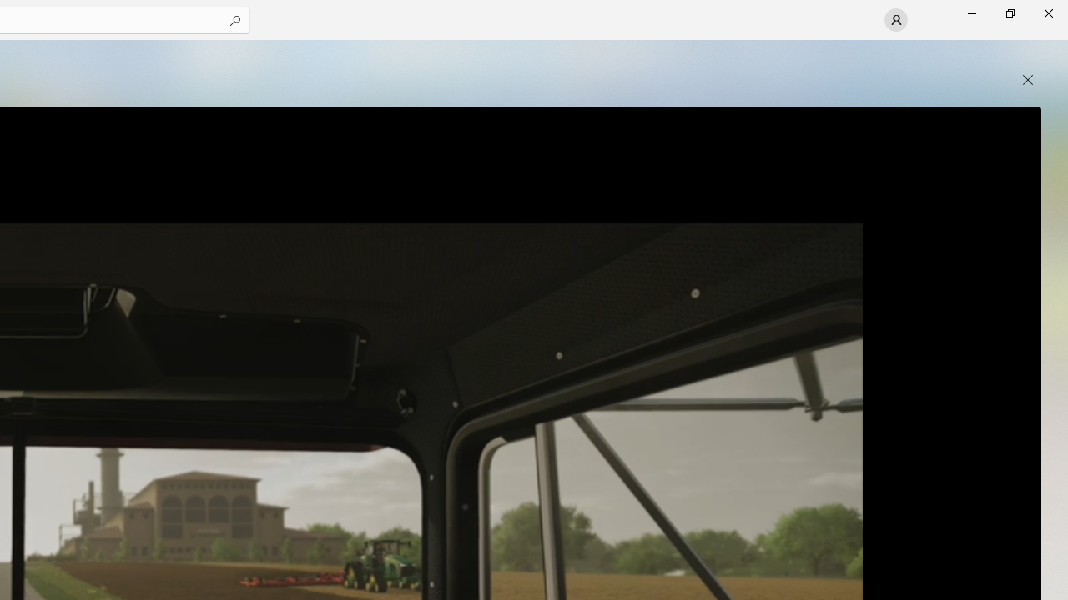 The height and width of the screenshot is (600, 1068). Describe the element at coordinates (1047, 12) in the screenshot. I see `'Close Microsoft Store'` at that location.